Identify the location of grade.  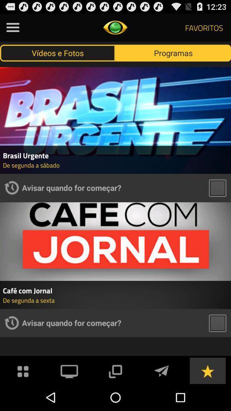
(207, 370).